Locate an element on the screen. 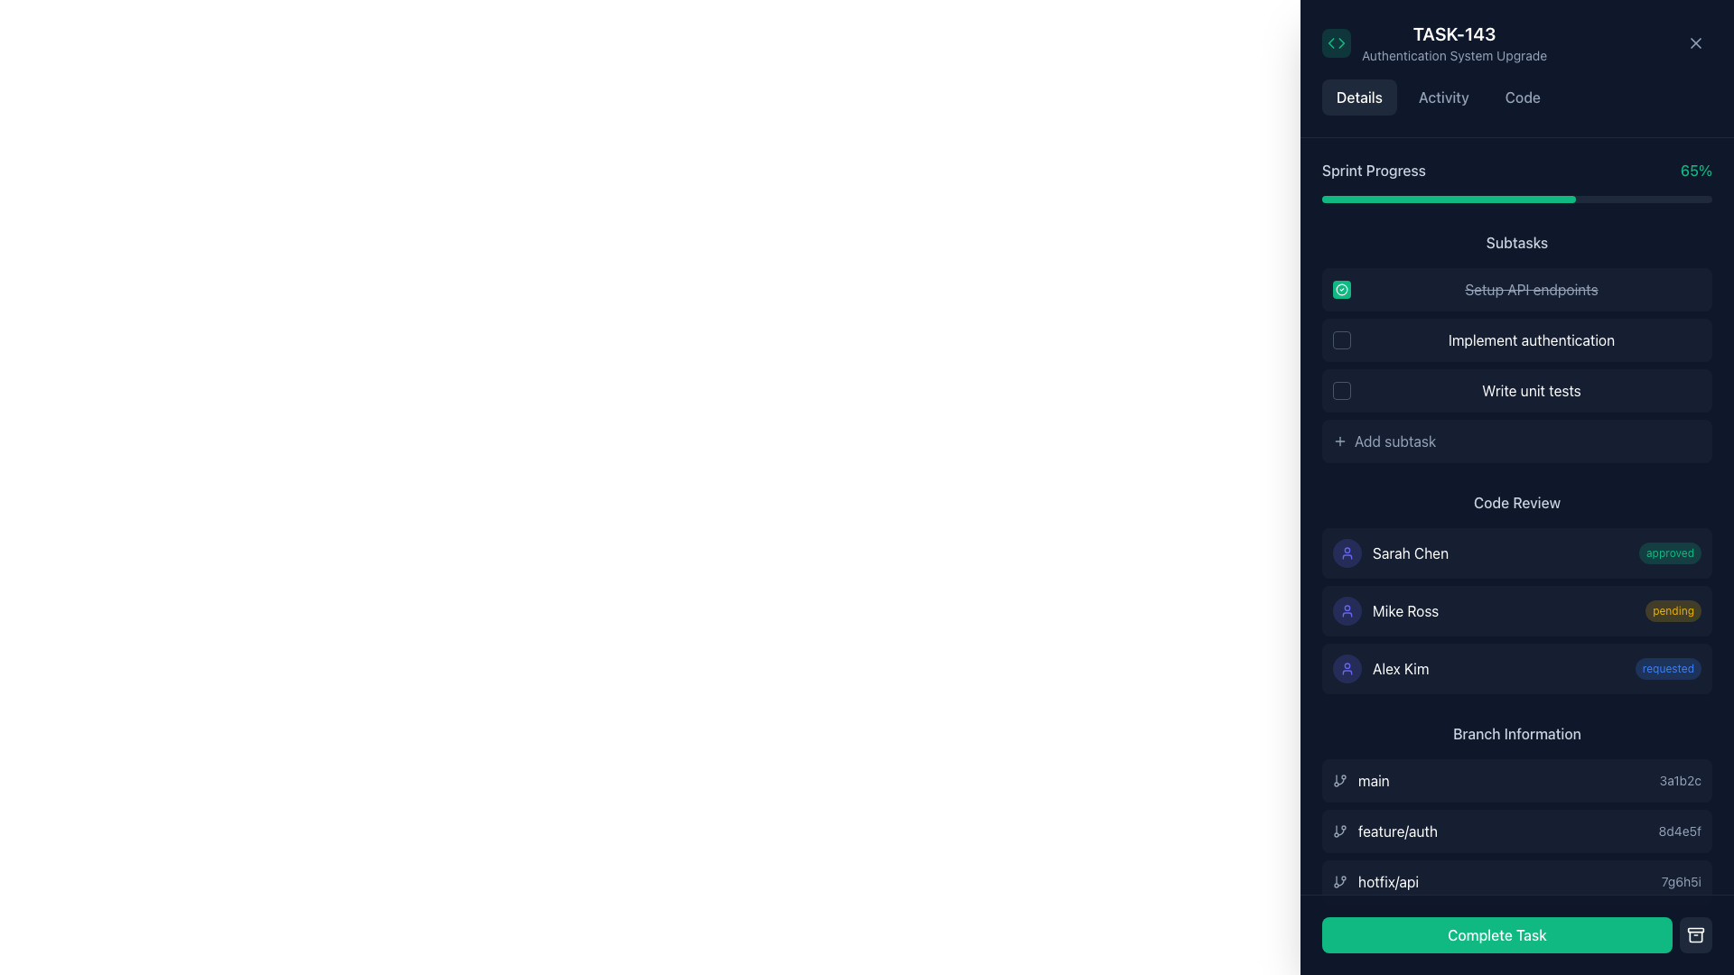 Image resolution: width=1734 pixels, height=975 pixels. the 'main' branch entry in the version control overview is located at coordinates (1517, 779).